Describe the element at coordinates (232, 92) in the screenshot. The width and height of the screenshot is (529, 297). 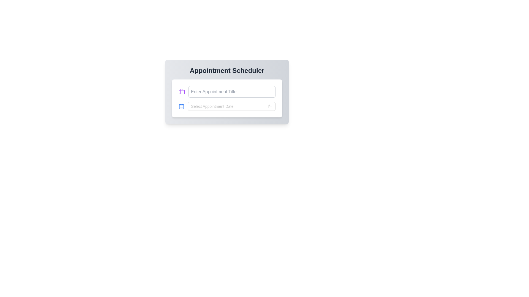
I see `the text input field for the appointment title` at that location.